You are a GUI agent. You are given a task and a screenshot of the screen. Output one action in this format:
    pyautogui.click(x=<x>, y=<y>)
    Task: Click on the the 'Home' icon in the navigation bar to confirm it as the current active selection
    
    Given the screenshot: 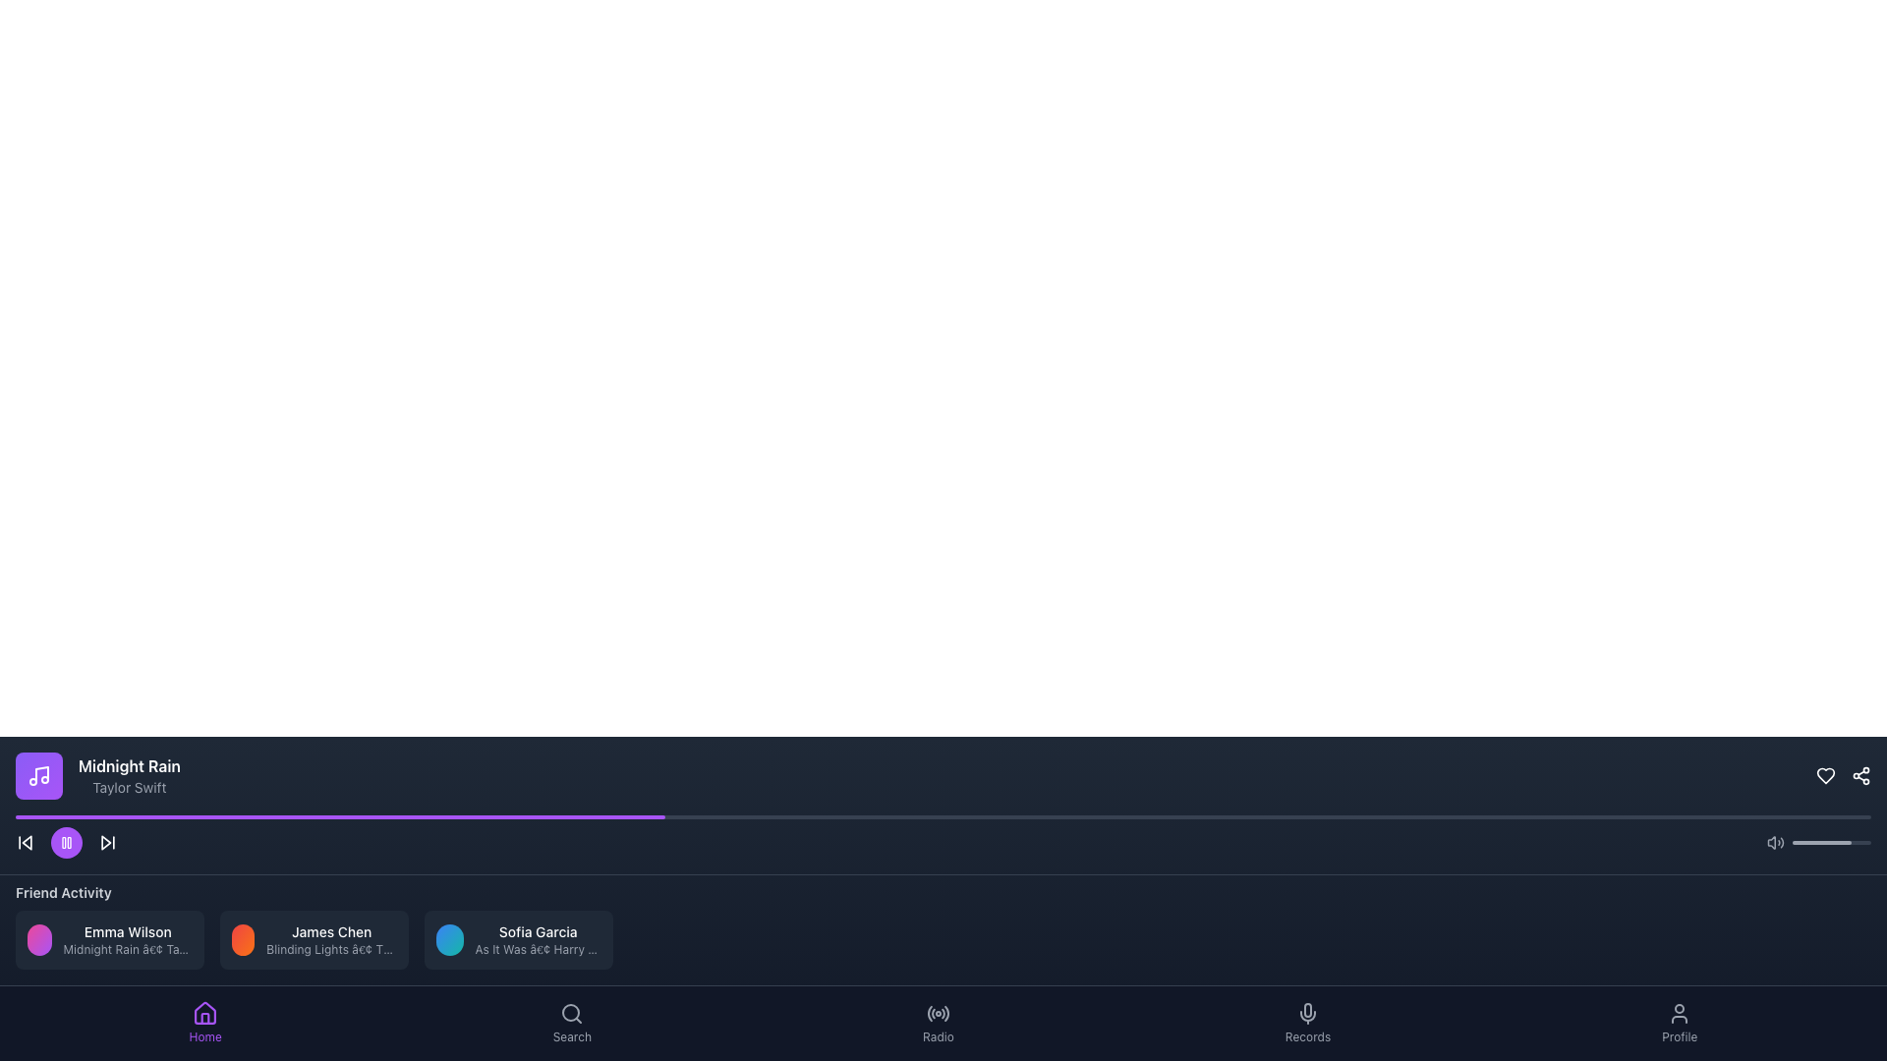 What is the action you would take?
    pyautogui.click(x=205, y=1014)
    